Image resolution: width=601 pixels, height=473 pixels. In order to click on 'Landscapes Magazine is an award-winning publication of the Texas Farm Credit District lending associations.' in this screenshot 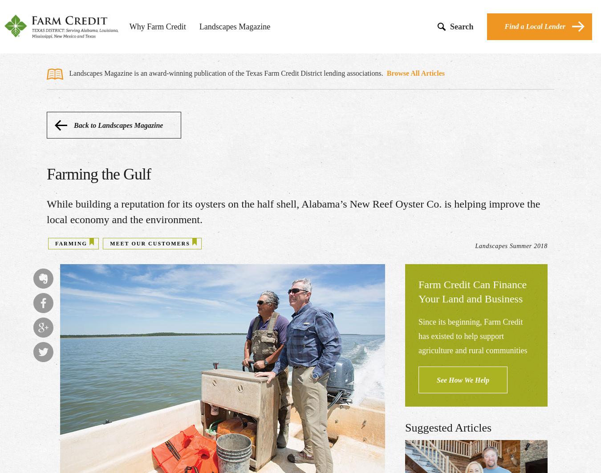, I will do `click(226, 73)`.